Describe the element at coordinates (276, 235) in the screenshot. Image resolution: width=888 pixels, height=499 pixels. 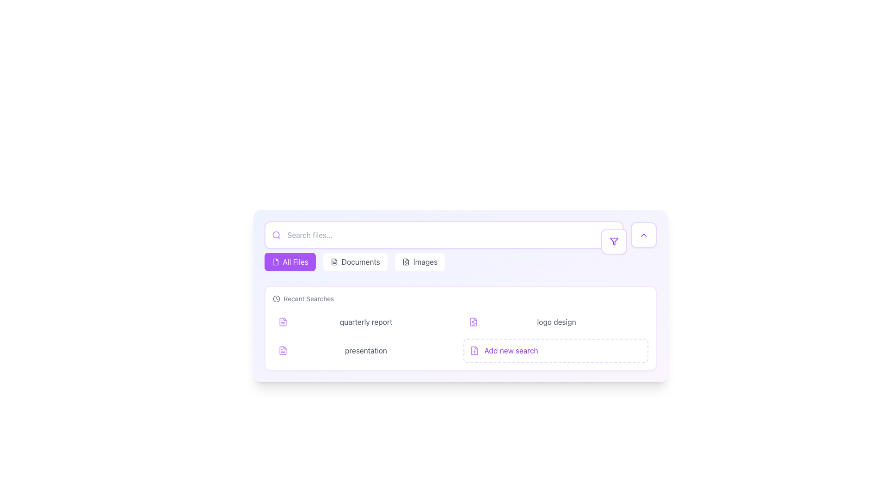
I see `the modern purple magnifying glass search icon located on the left edge of the search input bar, which is aligned vertically with its center` at that location.